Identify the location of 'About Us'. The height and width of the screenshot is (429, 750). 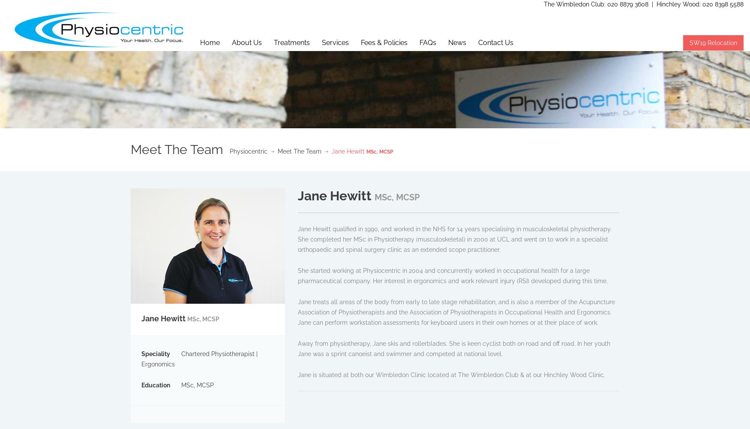
(231, 42).